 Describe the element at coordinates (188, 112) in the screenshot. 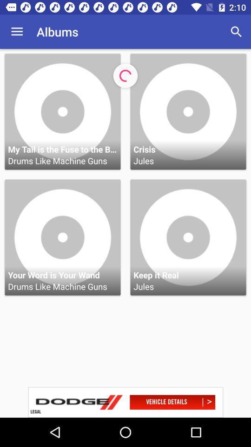

I see `the crisis jules music album` at that location.